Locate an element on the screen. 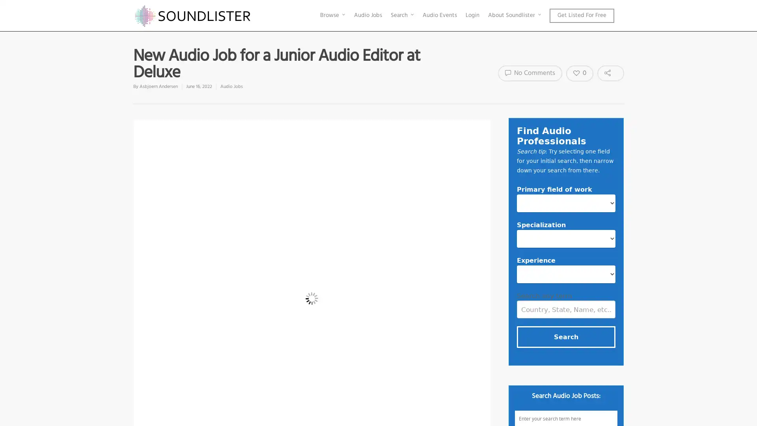  Search is located at coordinates (565, 336).